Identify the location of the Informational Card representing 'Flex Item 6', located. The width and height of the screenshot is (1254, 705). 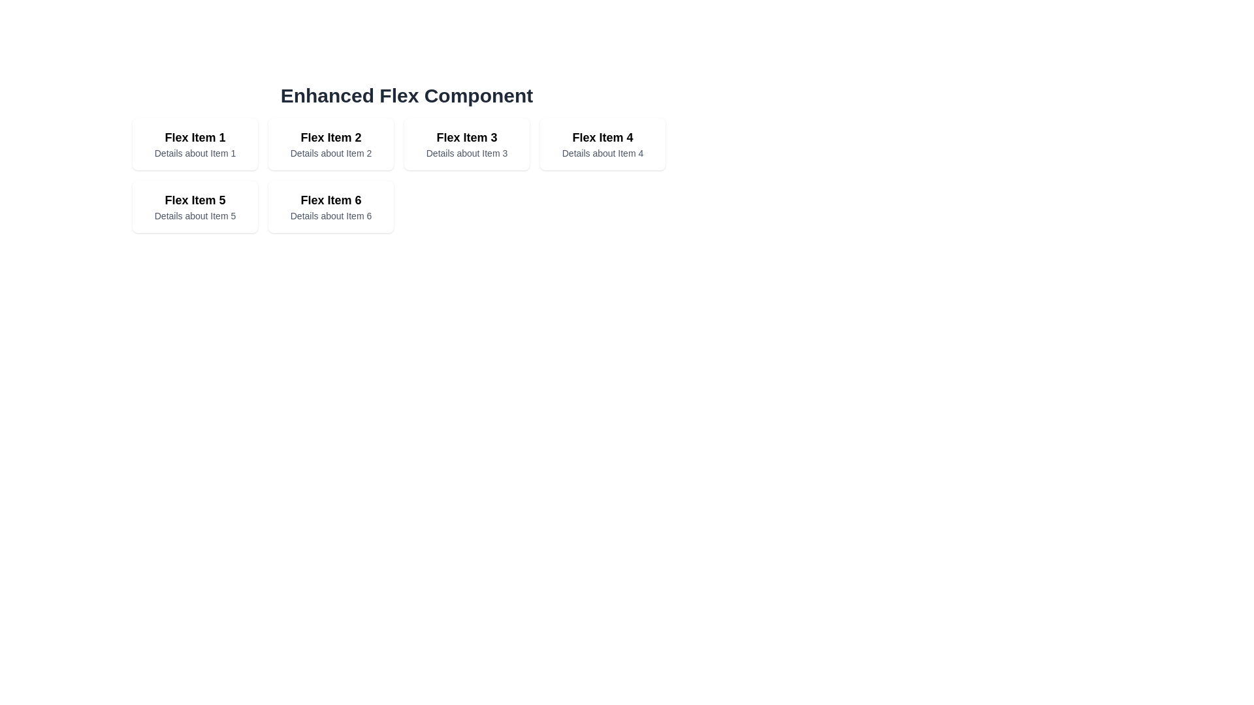
(331, 206).